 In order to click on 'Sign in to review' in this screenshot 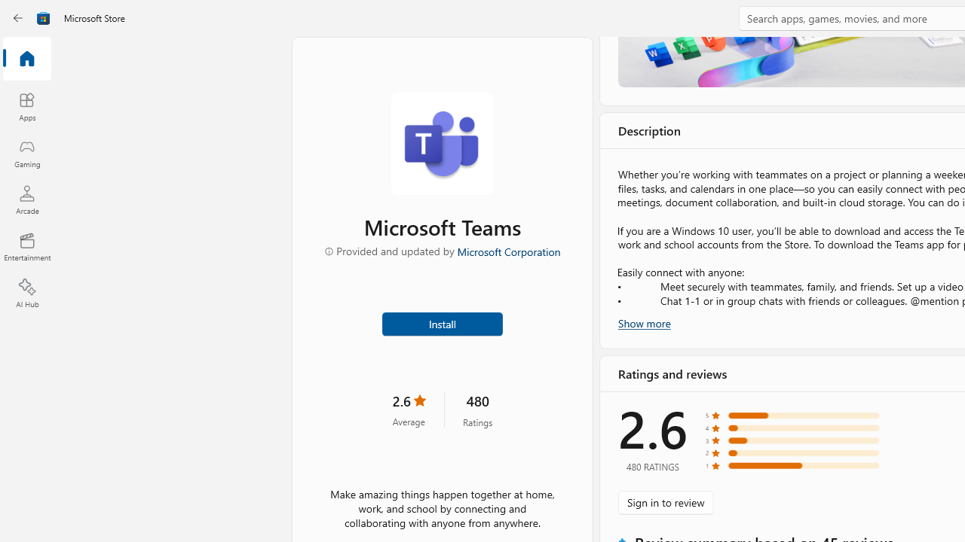, I will do `click(665, 502)`.